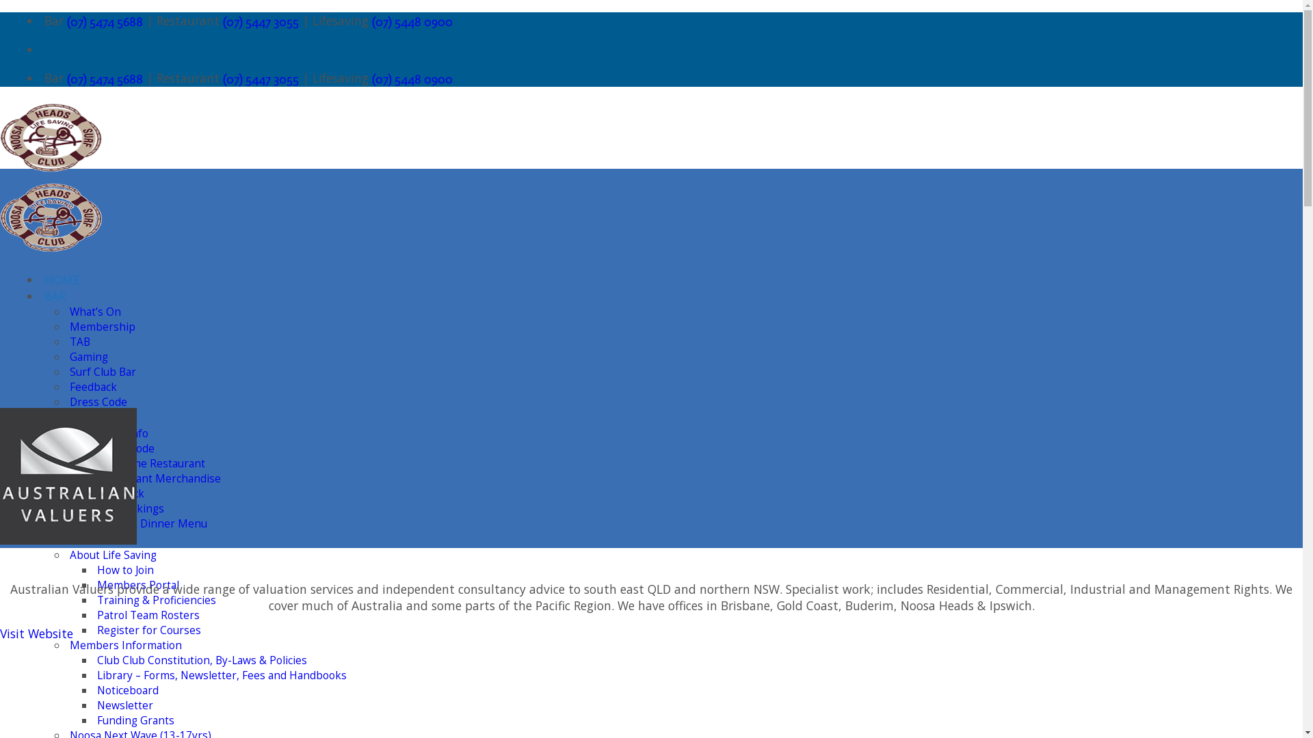  I want to click on 'Noticeboard', so click(96, 690).